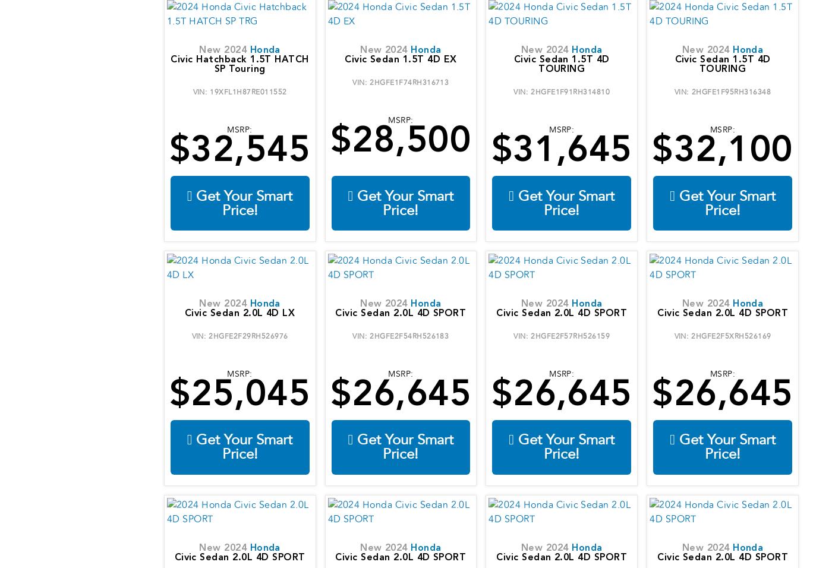 This screenshot has height=568, width=832. I want to click on '2HGFE2F57RH526159', so click(570, 335).